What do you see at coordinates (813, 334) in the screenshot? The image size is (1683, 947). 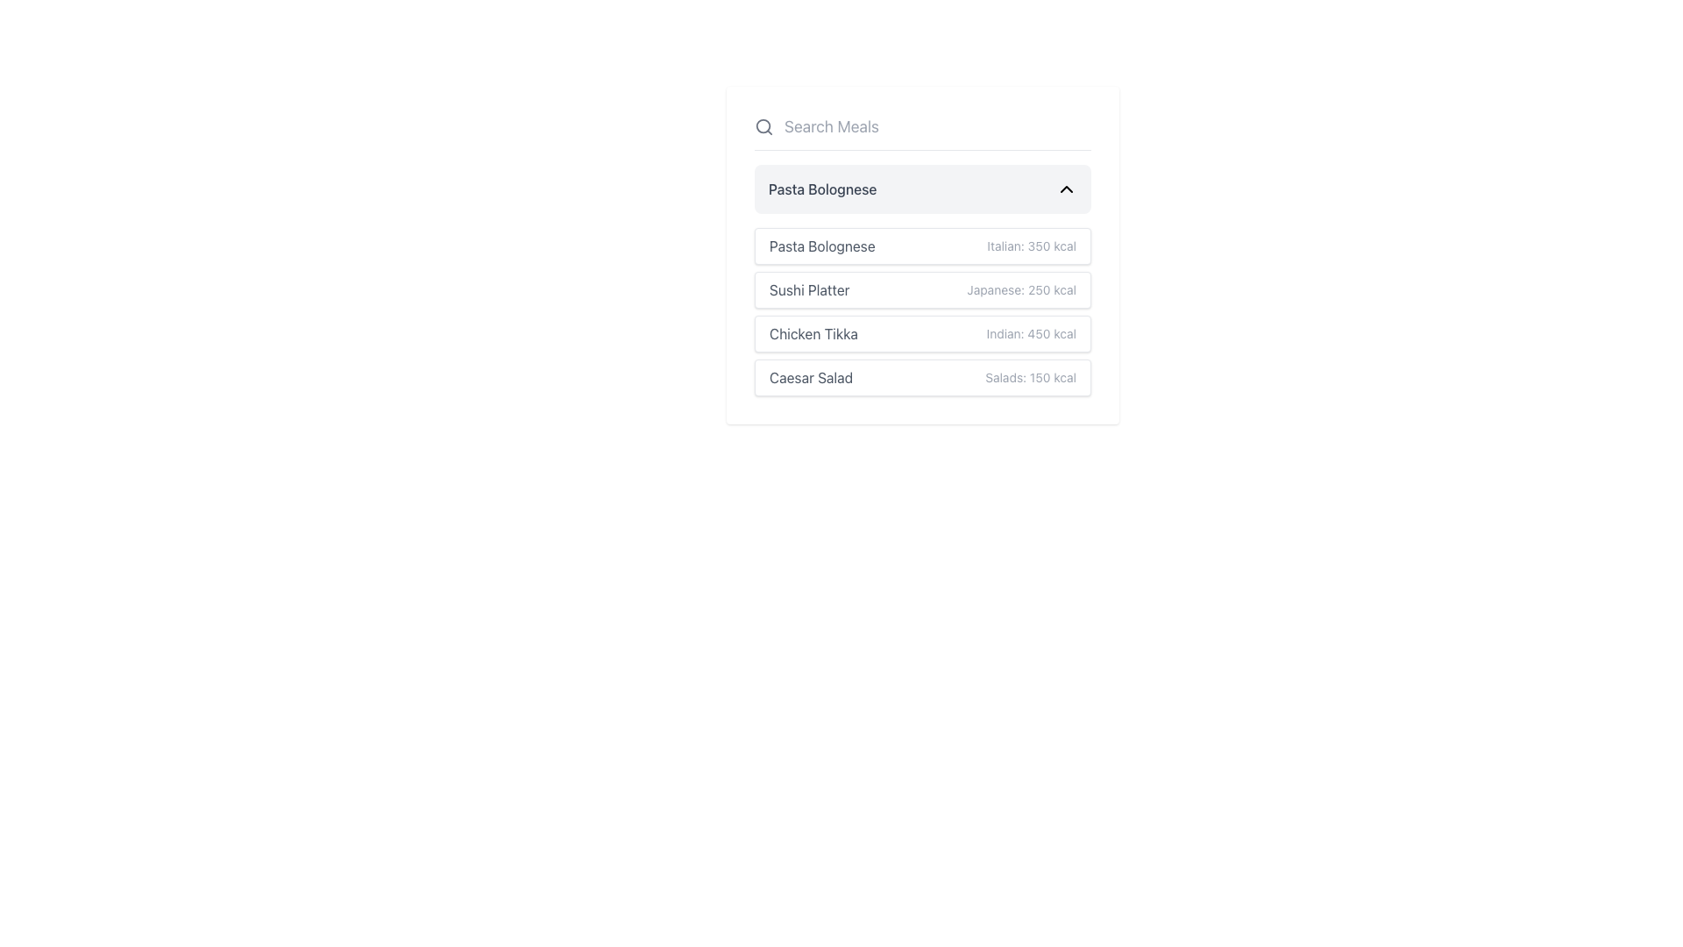 I see `text from the Text Label displaying 'Chicken Tikka' in a gray font, which is positioned as the primary title in the third item of a vertical dropdown menu` at bounding box center [813, 334].